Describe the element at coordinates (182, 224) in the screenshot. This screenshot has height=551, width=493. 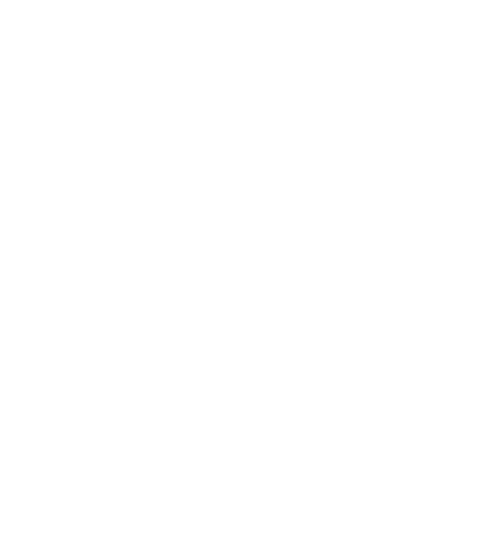
I see `'JBL Unveils IRX ONE All-in-One Column PA'` at that location.